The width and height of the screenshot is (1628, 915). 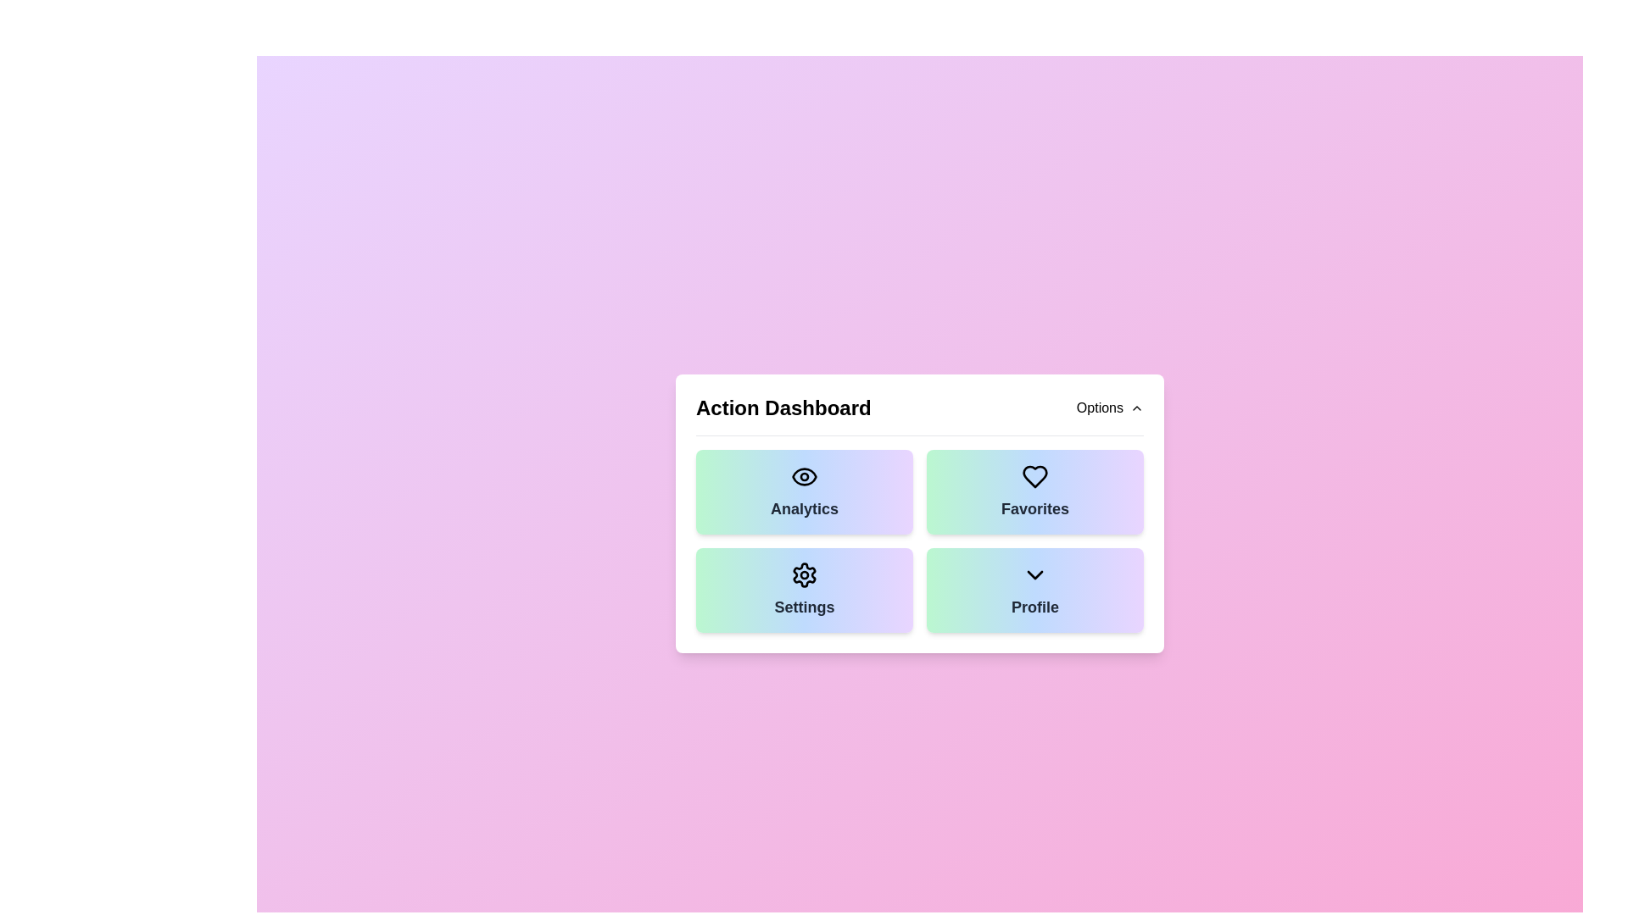 I want to click on the 'Profile' button located in the bottom right corner of the grid layout to trigger a visual effect, so click(x=1034, y=589).